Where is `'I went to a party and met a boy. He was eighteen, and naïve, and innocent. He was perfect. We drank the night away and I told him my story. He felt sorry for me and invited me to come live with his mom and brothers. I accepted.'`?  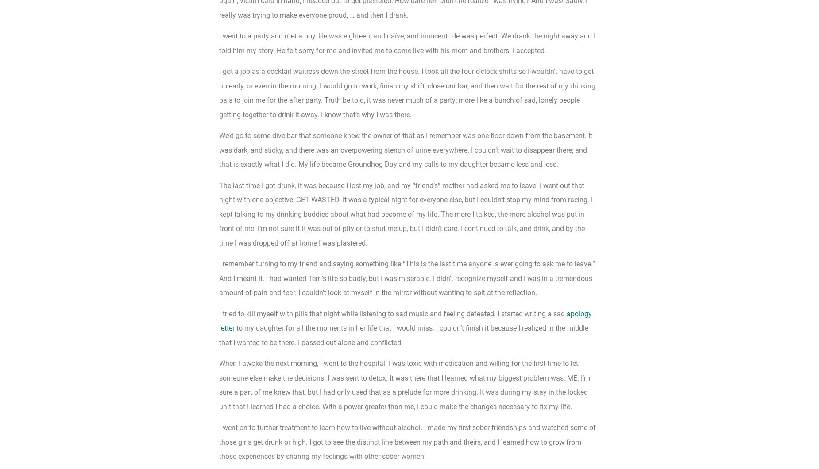
'I went to a party and met a boy. He was eighteen, and naïve, and innocent. He was perfect. We drank the night away and I told him my story. He felt sorry for me and invited me to come live with his mom and brothers. I accepted.' is located at coordinates (407, 43).